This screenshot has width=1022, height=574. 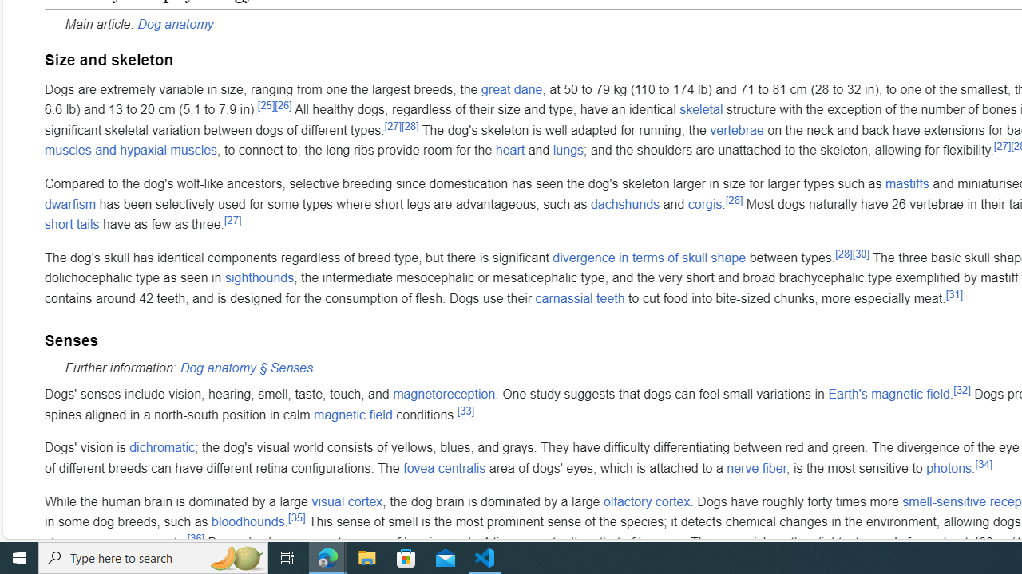 I want to click on '[34]', so click(x=983, y=463).